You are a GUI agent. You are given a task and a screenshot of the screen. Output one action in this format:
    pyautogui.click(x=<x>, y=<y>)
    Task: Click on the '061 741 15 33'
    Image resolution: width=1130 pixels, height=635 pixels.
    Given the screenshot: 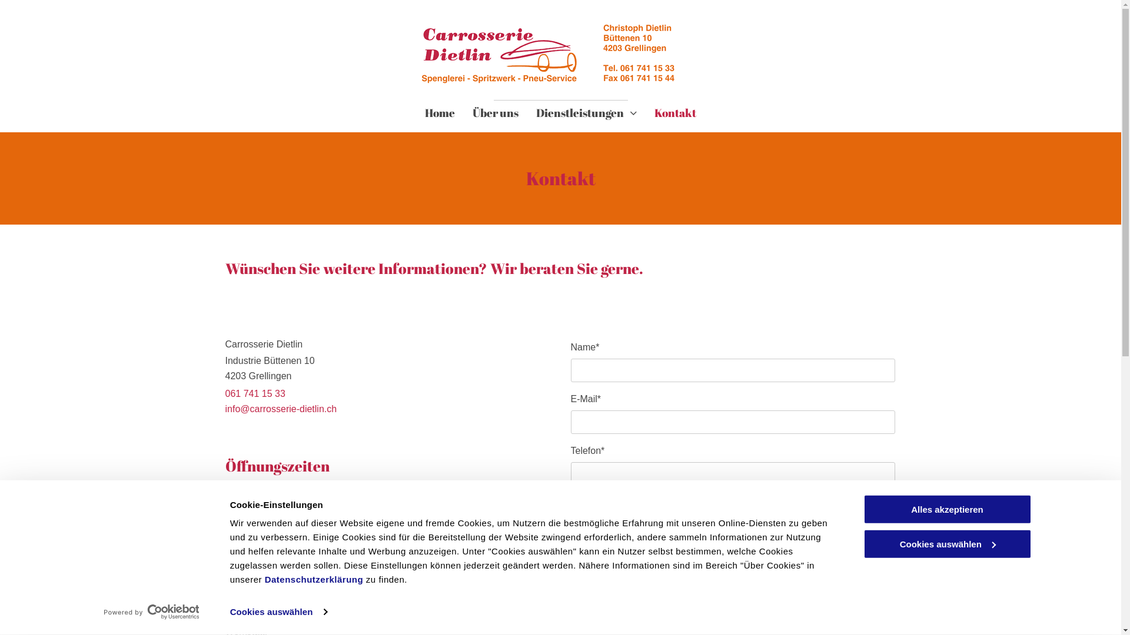 What is the action you would take?
    pyautogui.click(x=225, y=393)
    